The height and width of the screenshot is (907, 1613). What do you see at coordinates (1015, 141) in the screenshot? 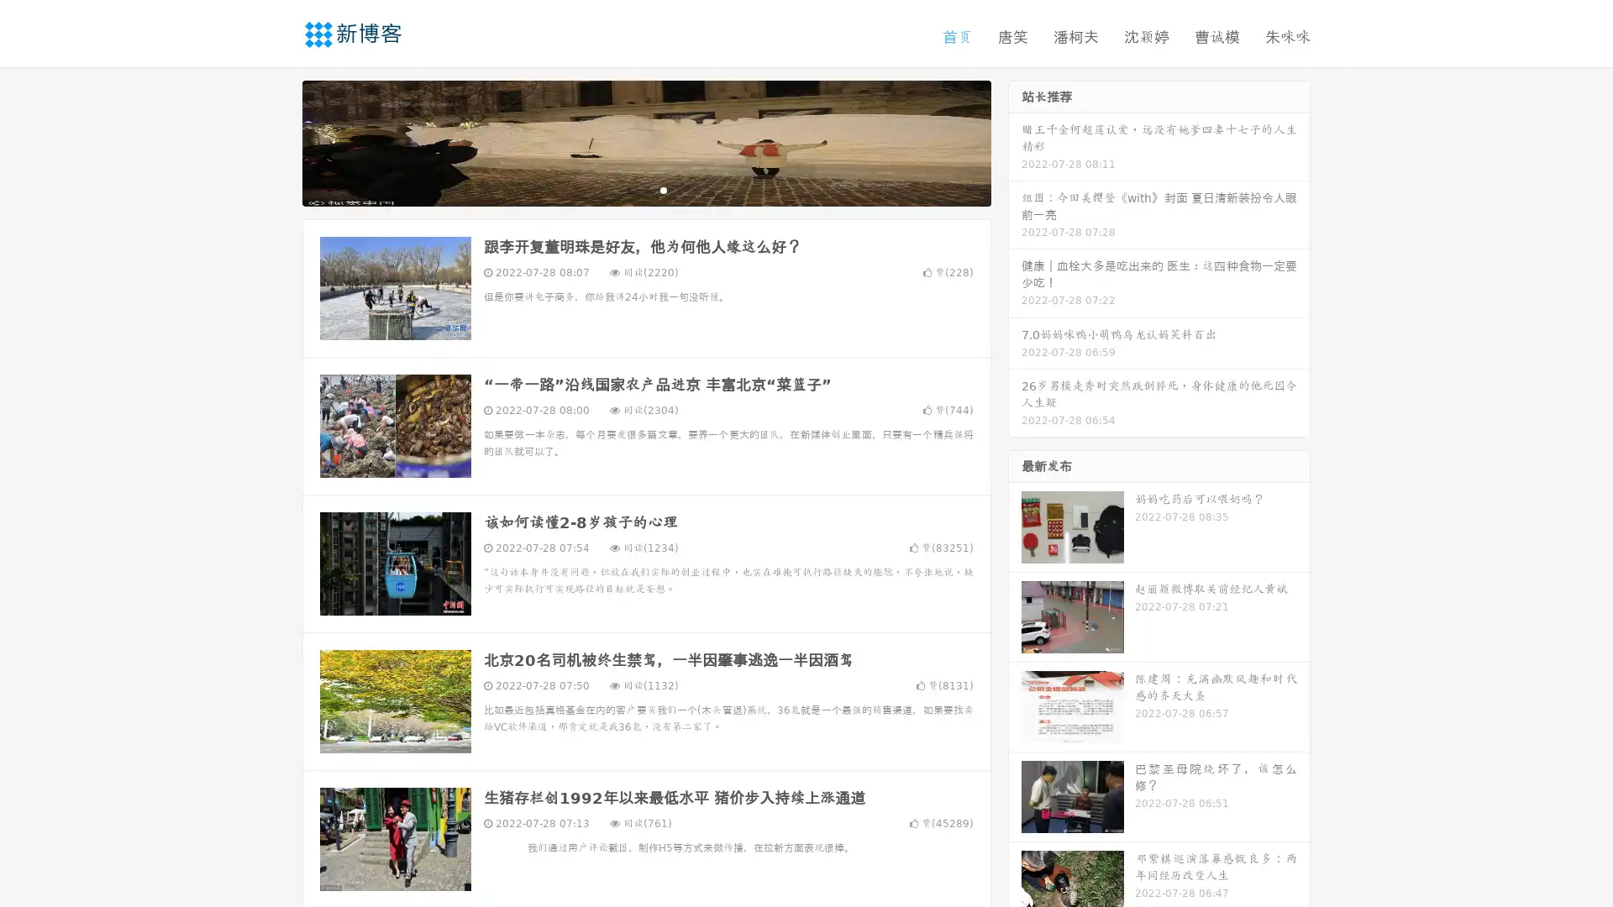
I see `Next slide` at bounding box center [1015, 141].